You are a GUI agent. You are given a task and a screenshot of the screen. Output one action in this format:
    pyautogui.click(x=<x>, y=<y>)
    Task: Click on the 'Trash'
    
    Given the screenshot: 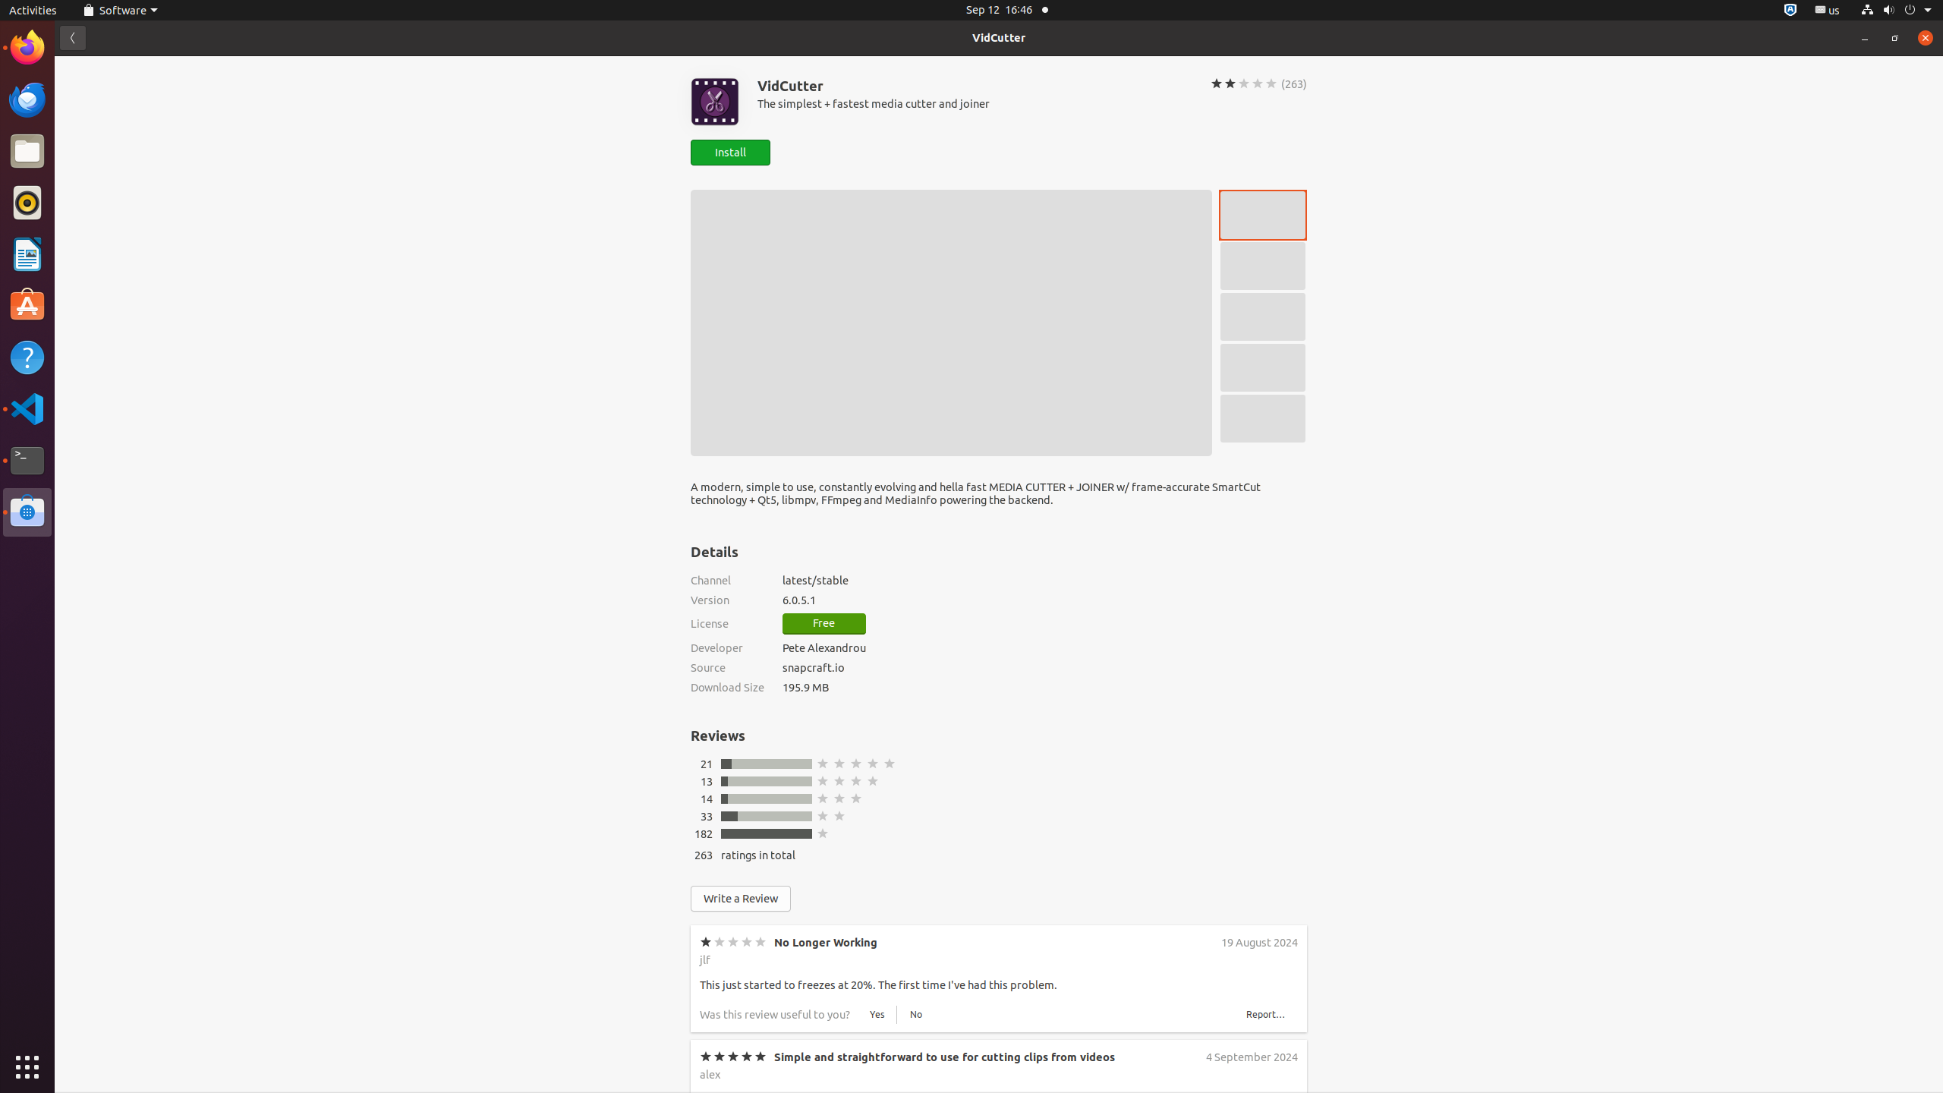 What is the action you would take?
    pyautogui.click(x=101, y=143)
    